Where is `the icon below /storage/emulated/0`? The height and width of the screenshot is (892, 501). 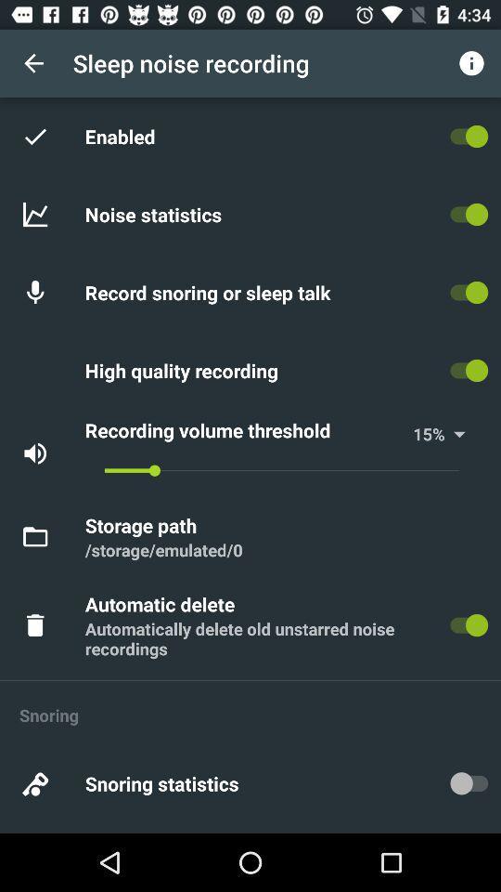 the icon below /storage/emulated/0 is located at coordinates (162, 603).